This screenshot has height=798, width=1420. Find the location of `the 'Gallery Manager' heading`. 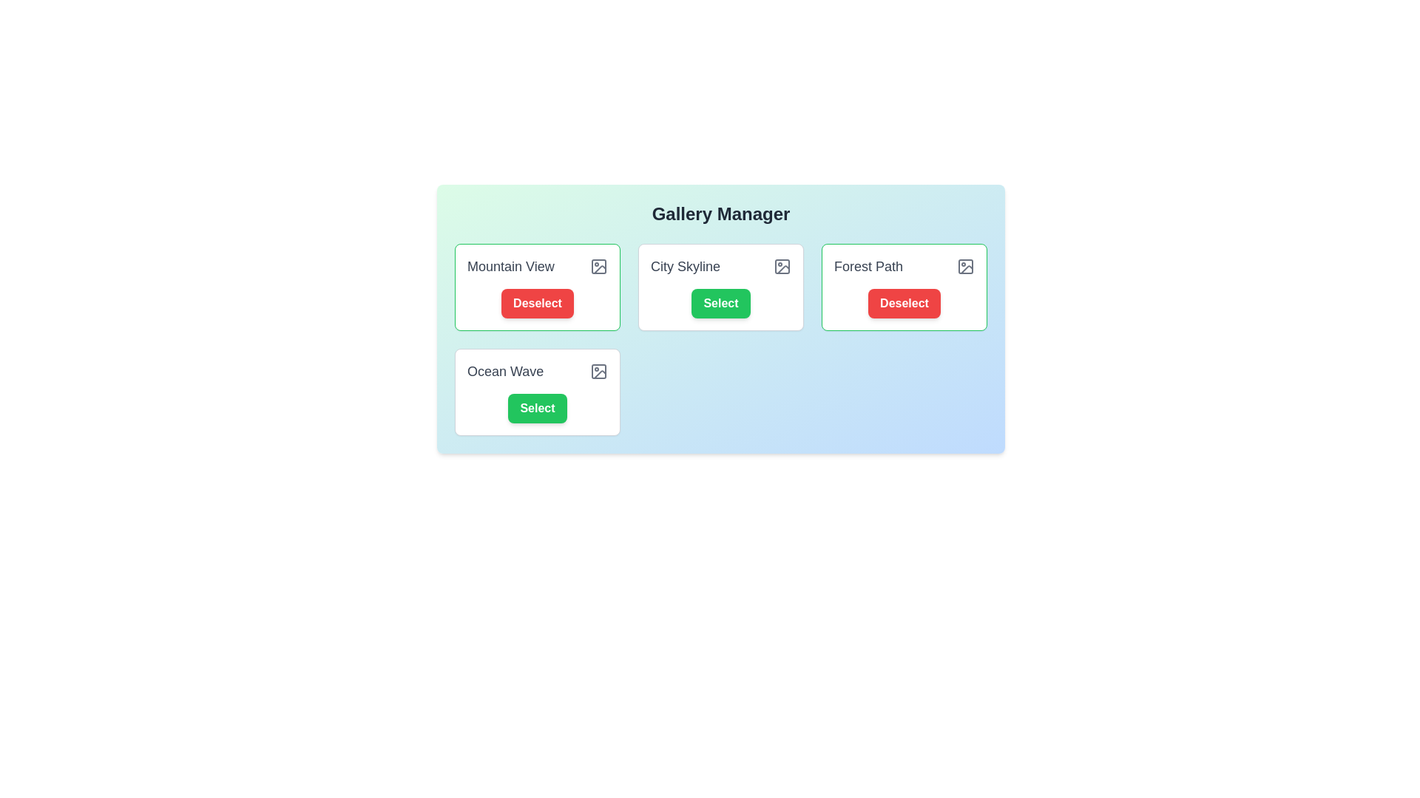

the 'Gallery Manager' heading is located at coordinates (720, 214).